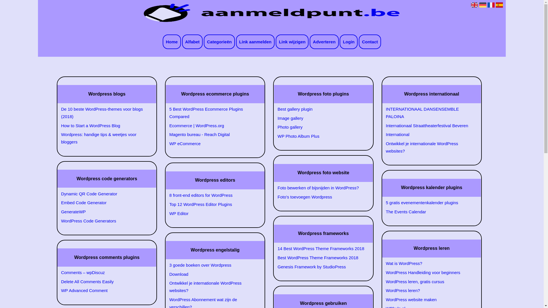  What do you see at coordinates (428, 264) in the screenshot?
I see `'Wat is WordPress?'` at bounding box center [428, 264].